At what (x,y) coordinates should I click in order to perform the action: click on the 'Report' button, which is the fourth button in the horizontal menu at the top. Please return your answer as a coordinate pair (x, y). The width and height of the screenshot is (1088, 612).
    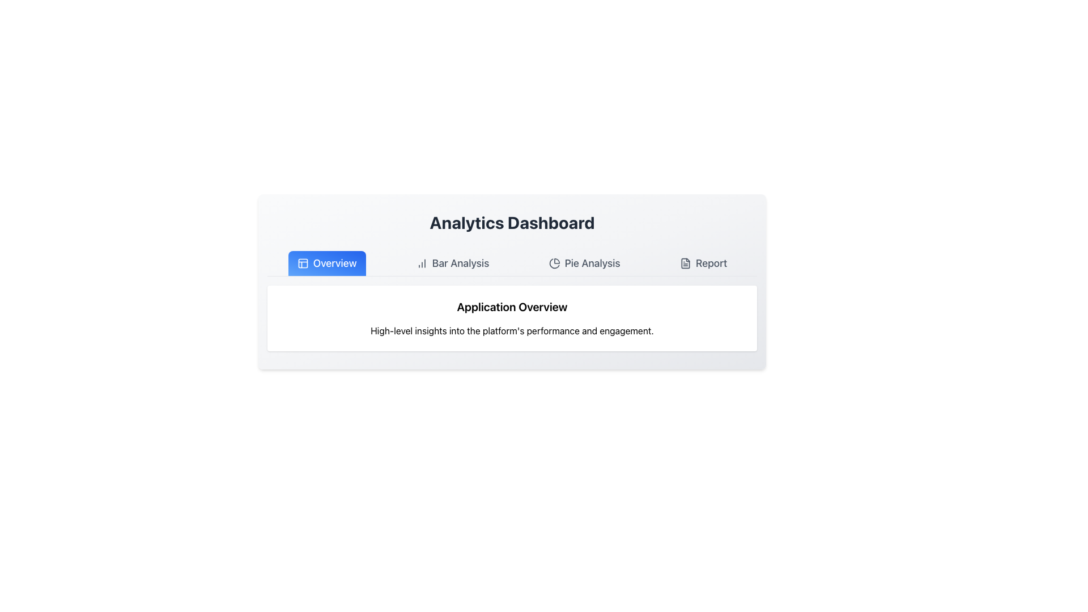
    Looking at the image, I should click on (703, 263).